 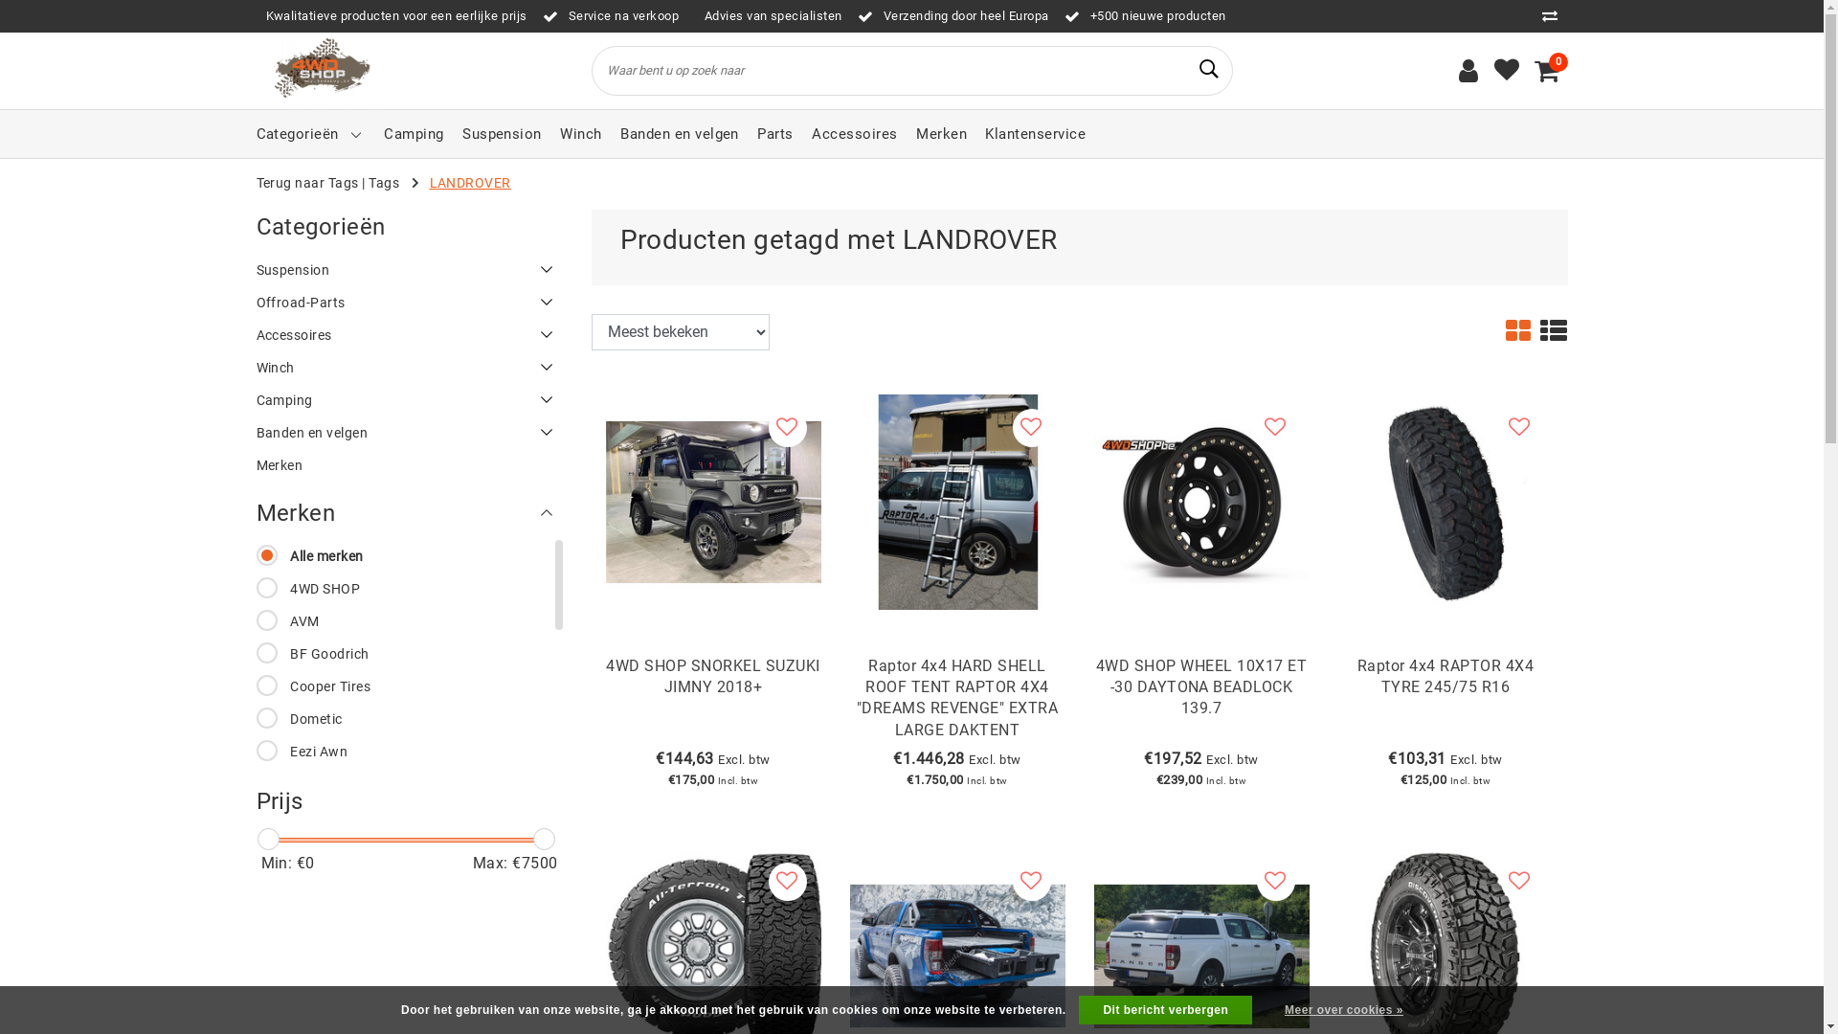 What do you see at coordinates (984, 132) in the screenshot?
I see `'Klantenservice'` at bounding box center [984, 132].